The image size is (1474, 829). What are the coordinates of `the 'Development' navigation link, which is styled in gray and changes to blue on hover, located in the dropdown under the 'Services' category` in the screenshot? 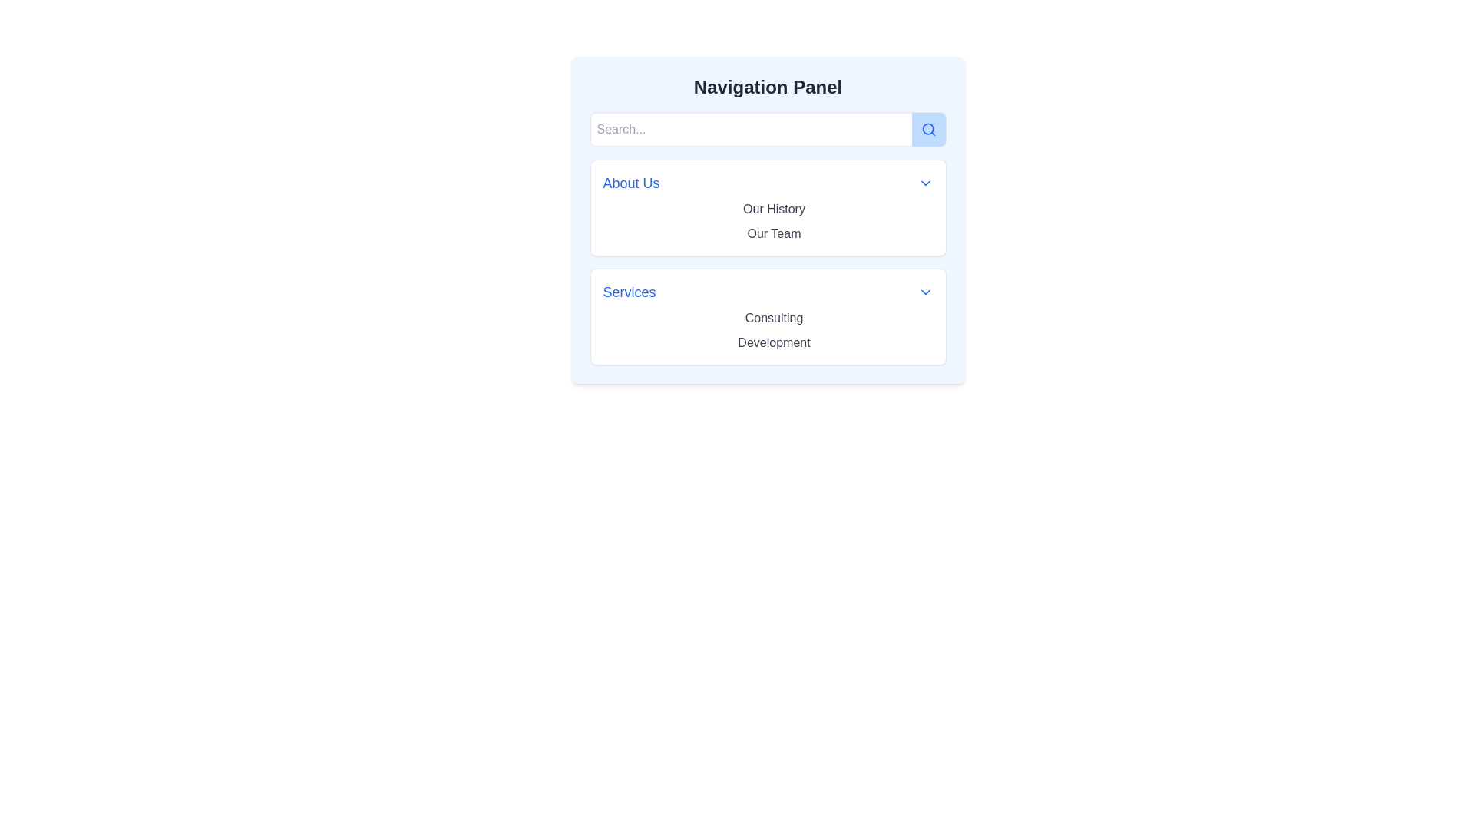 It's located at (774, 342).